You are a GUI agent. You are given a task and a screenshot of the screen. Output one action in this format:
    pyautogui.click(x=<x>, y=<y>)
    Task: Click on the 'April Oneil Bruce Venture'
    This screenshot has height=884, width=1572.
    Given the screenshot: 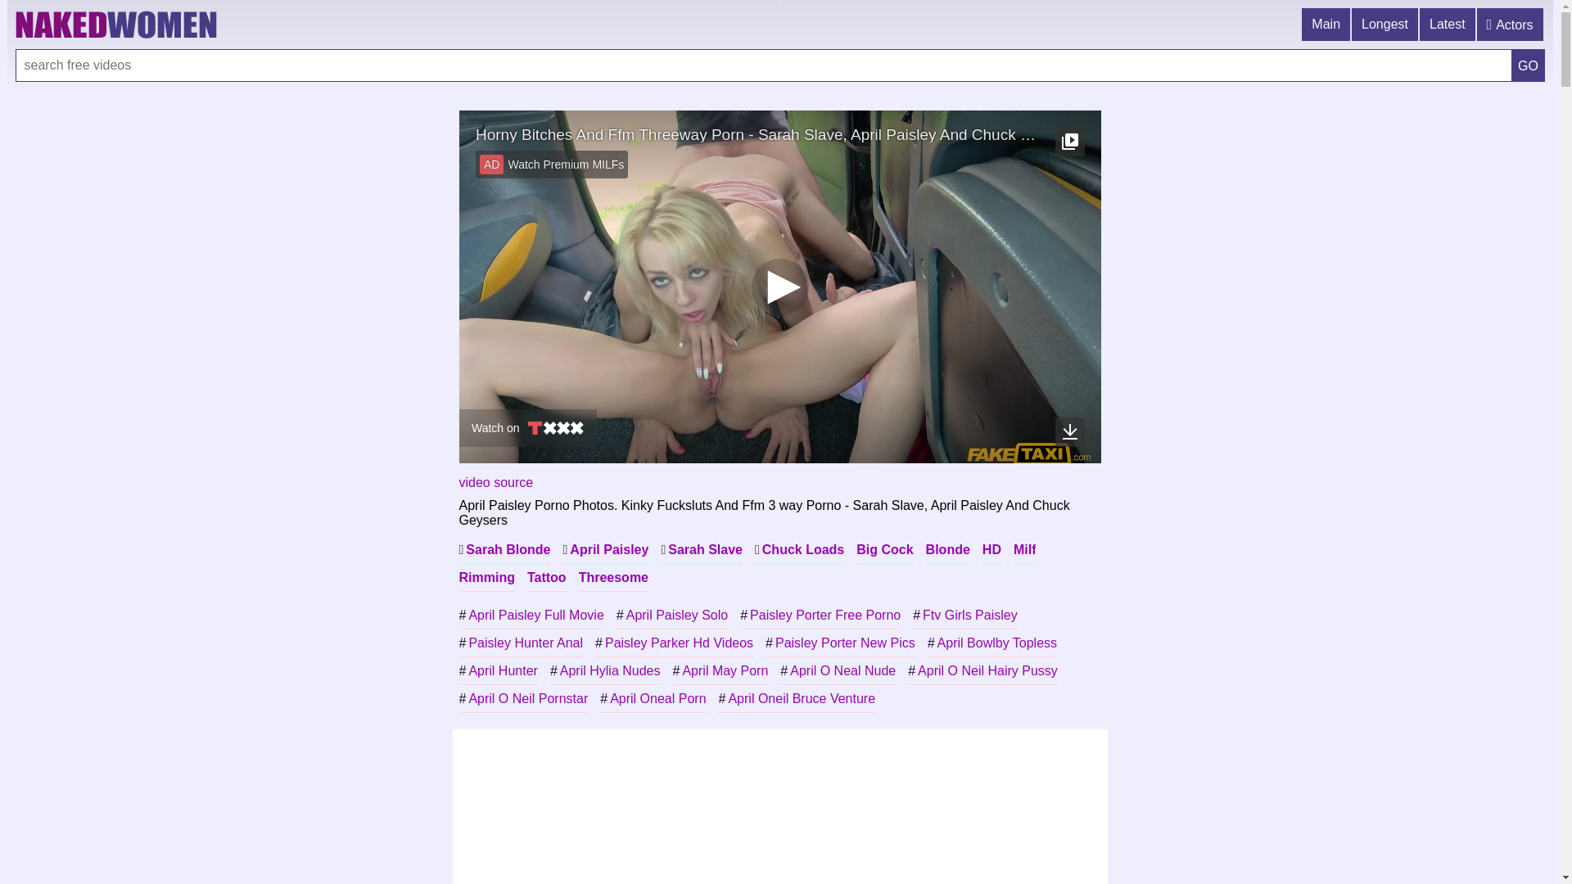 What is the action you would take?
    pyautogui.click(x=797, y=698)
    